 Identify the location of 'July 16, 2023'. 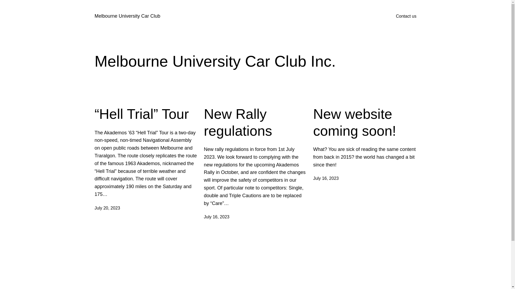
(216, 217).